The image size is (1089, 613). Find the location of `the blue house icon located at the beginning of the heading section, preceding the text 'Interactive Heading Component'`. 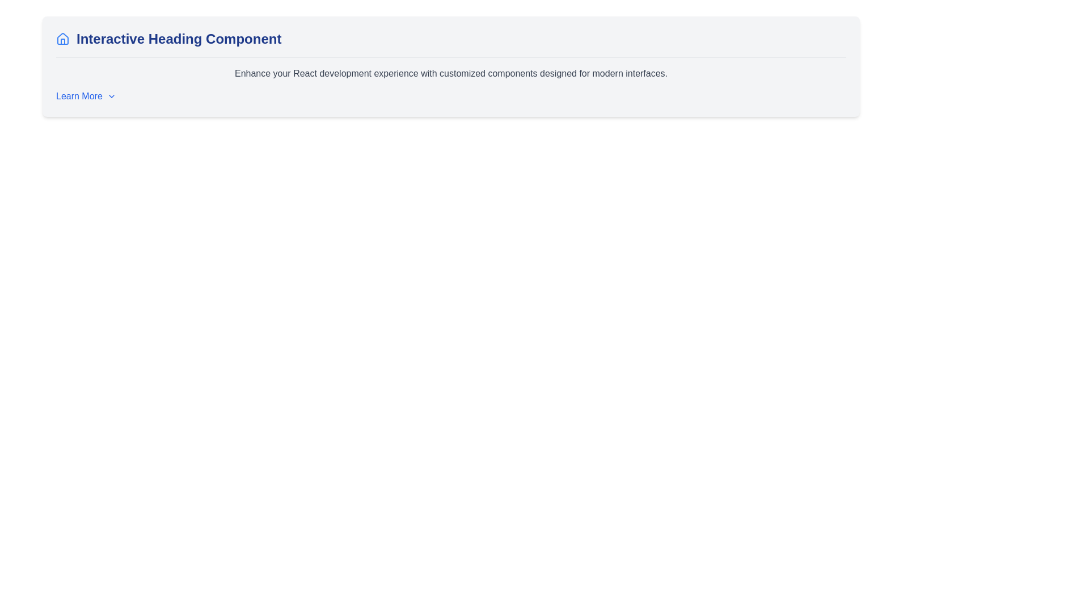

the blue house icon located at the beginning of the heading section, preceding the text 'Interactive Heading Component' is located at coordinates (62, 39).